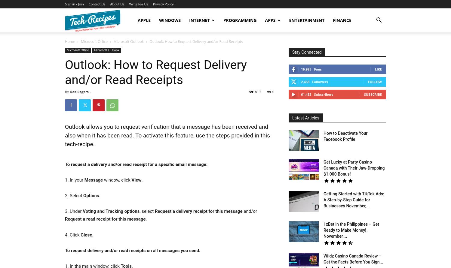 This screenshot has height=268, width=451. Describe the element at coordinates (132, 250) in the screenshot. I see `'To request delivery and/or read receipts on all messages you send:'` at that location.